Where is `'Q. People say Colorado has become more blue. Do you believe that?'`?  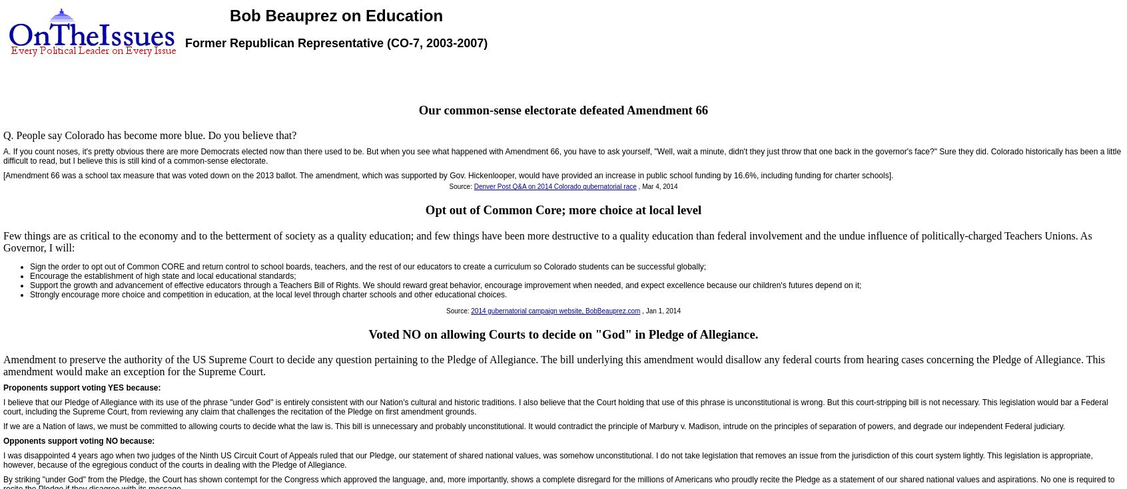 'Q. People say Colorado has become more blue. Do you believe that?' is located at coordinates (150, 135).